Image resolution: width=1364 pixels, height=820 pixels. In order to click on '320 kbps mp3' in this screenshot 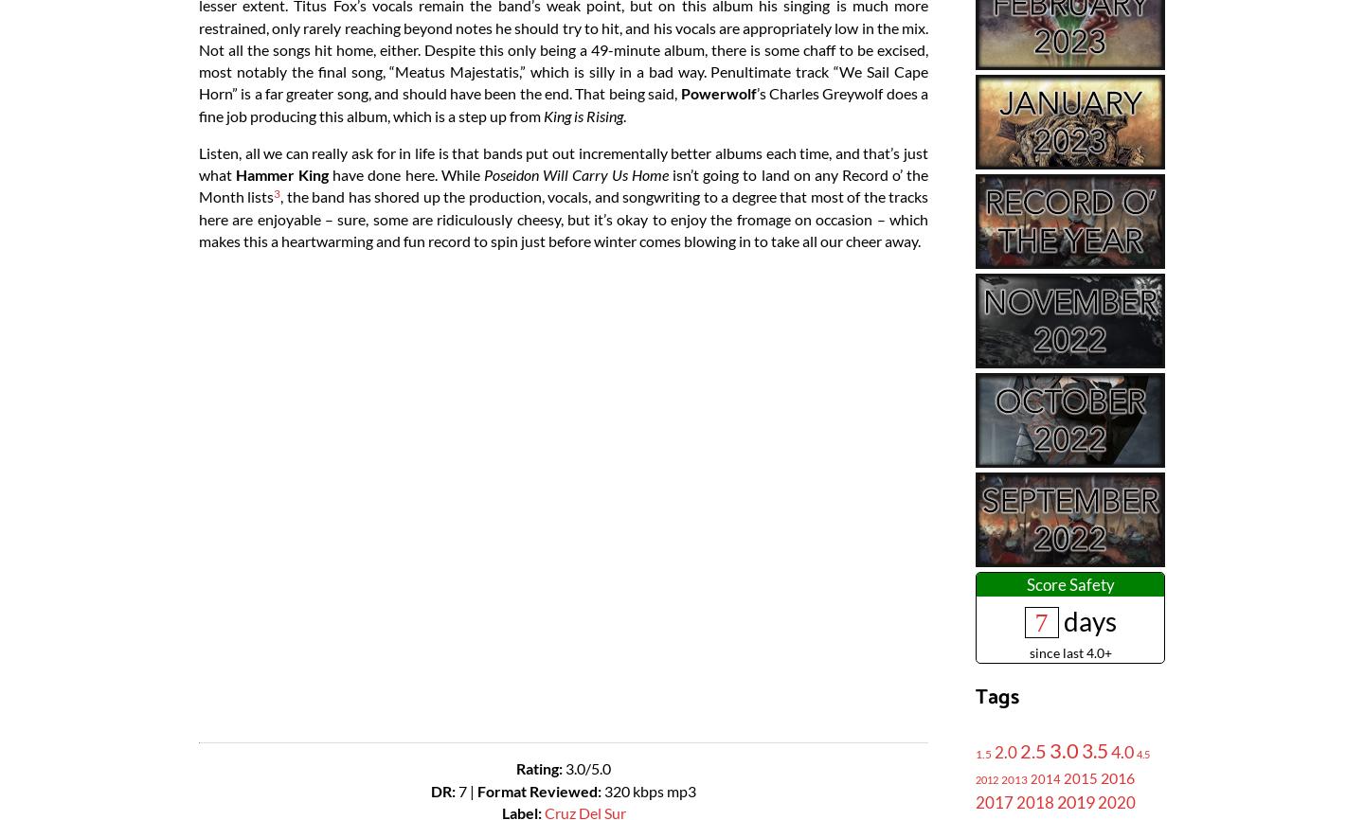, I will do `click(650, 789)`.